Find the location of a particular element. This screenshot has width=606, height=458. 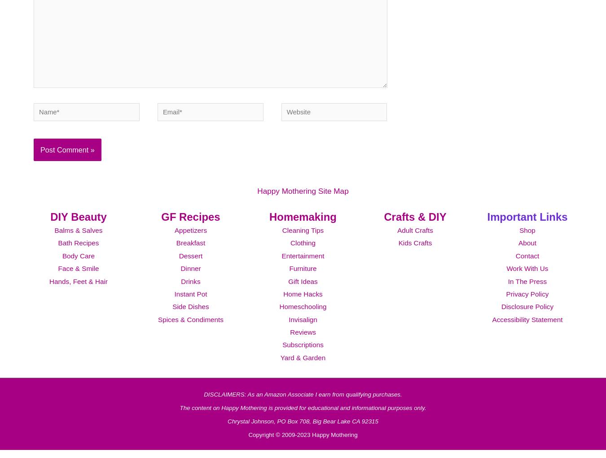

'Breakfast' is located at coordinates (190, 254).